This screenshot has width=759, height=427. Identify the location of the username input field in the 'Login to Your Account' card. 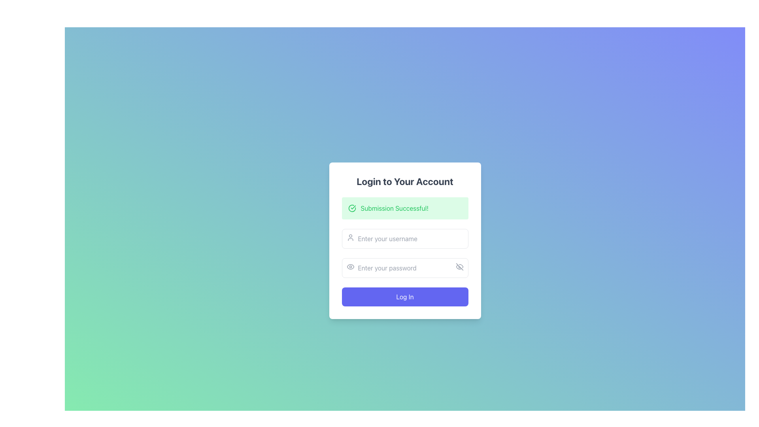
(405, 240).